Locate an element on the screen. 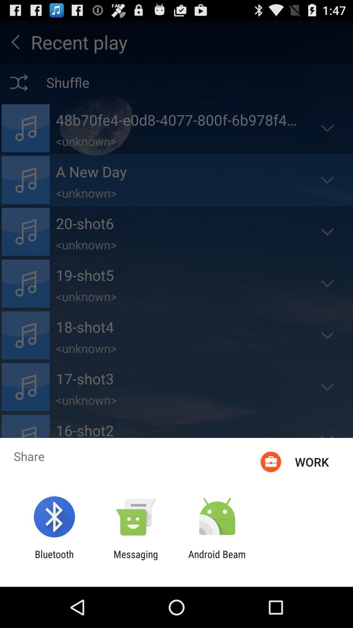 Image resolution: width=353 pixels, height=628 pixels. app next to messaging item is located at coordinates (217, 560).